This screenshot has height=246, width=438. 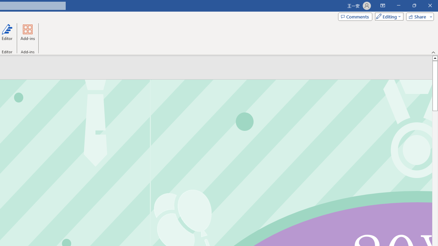 I want to click on 'Line up', so click(x=435, y=57).